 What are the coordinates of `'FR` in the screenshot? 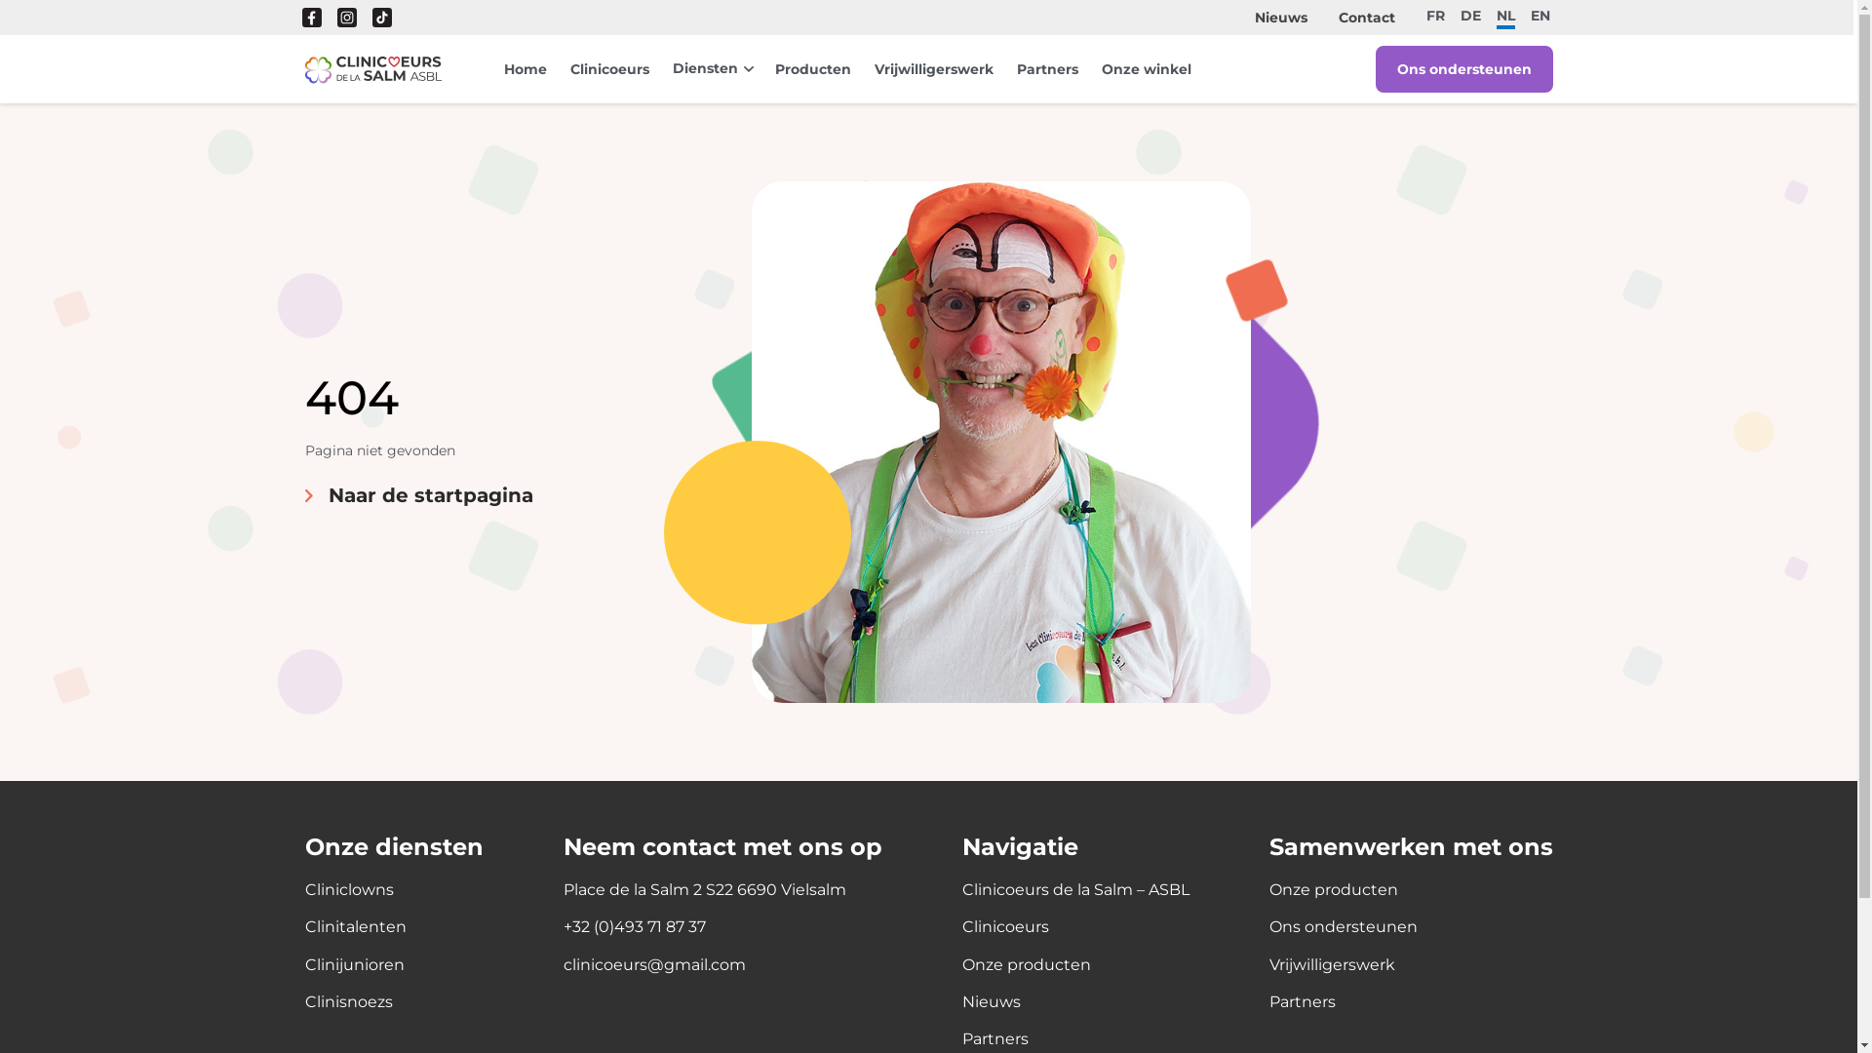 It's located at (1435, 15).